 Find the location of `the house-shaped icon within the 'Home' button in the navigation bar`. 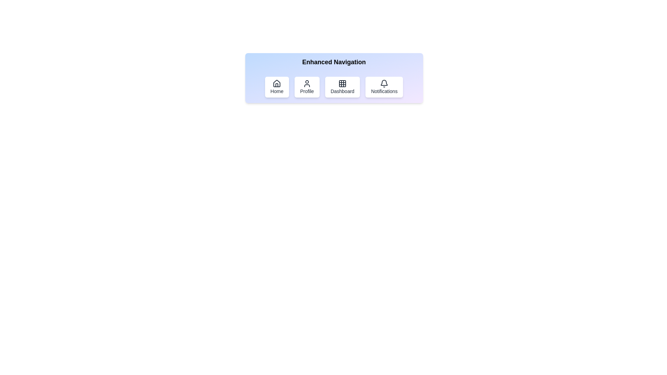

the house-shaped icon within the 'Home' button in the navigation bar is located at coordinates (276, 83).